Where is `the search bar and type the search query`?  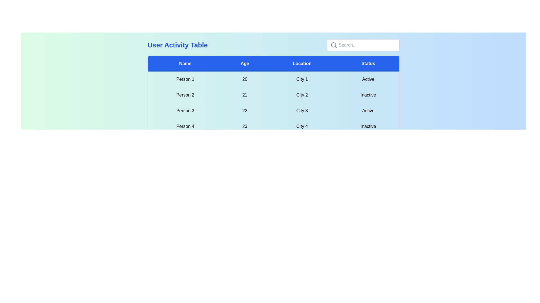
the search bar and type the search query is located at coordinates (363, 45).